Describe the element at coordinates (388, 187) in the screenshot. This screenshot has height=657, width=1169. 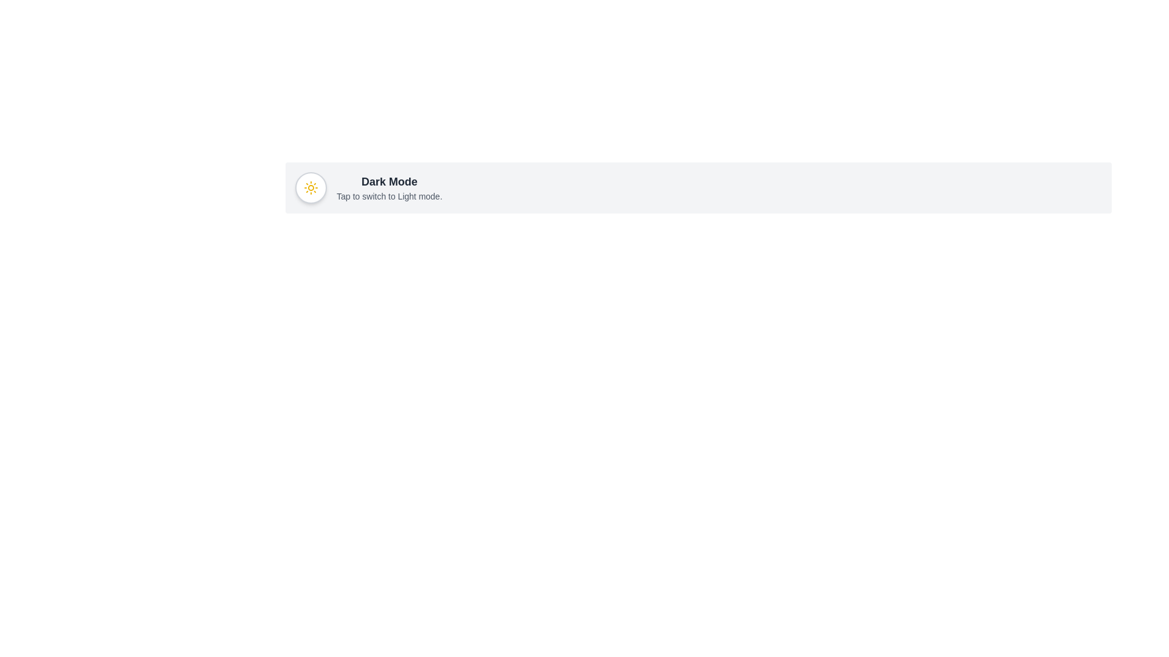
I see `the 'Dark Mode' label, which consists of two lines of text, the first being bold and larger, indicating the dark mode functionality` at that location.